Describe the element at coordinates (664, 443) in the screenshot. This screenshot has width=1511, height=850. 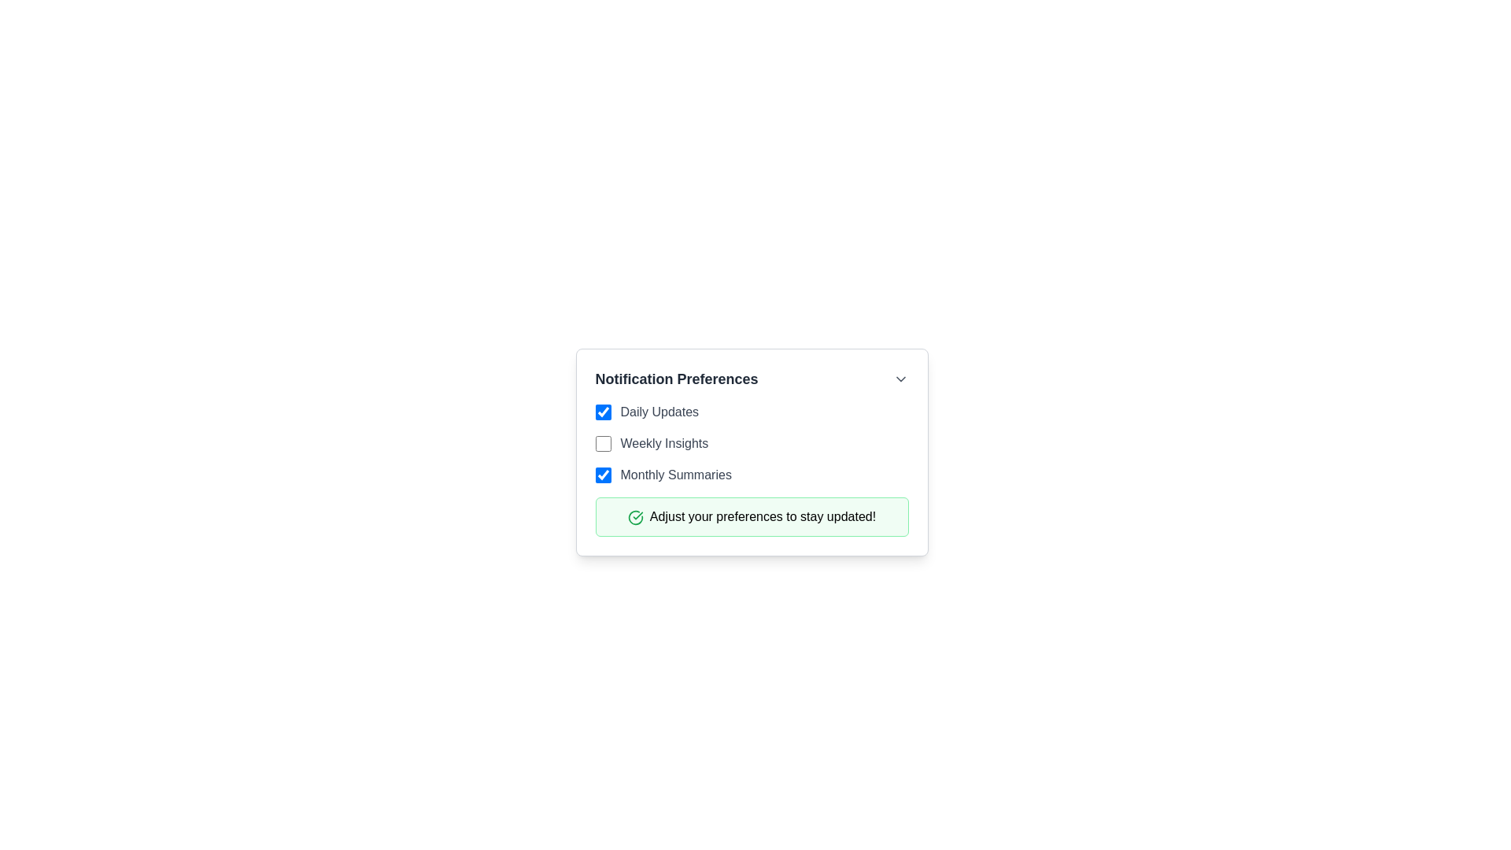
I see `the 'Weekly Insights' text label, which is styled with a gray font color and positioned to the right of a checkbox in the 'Notification Preferences' section` at that location.